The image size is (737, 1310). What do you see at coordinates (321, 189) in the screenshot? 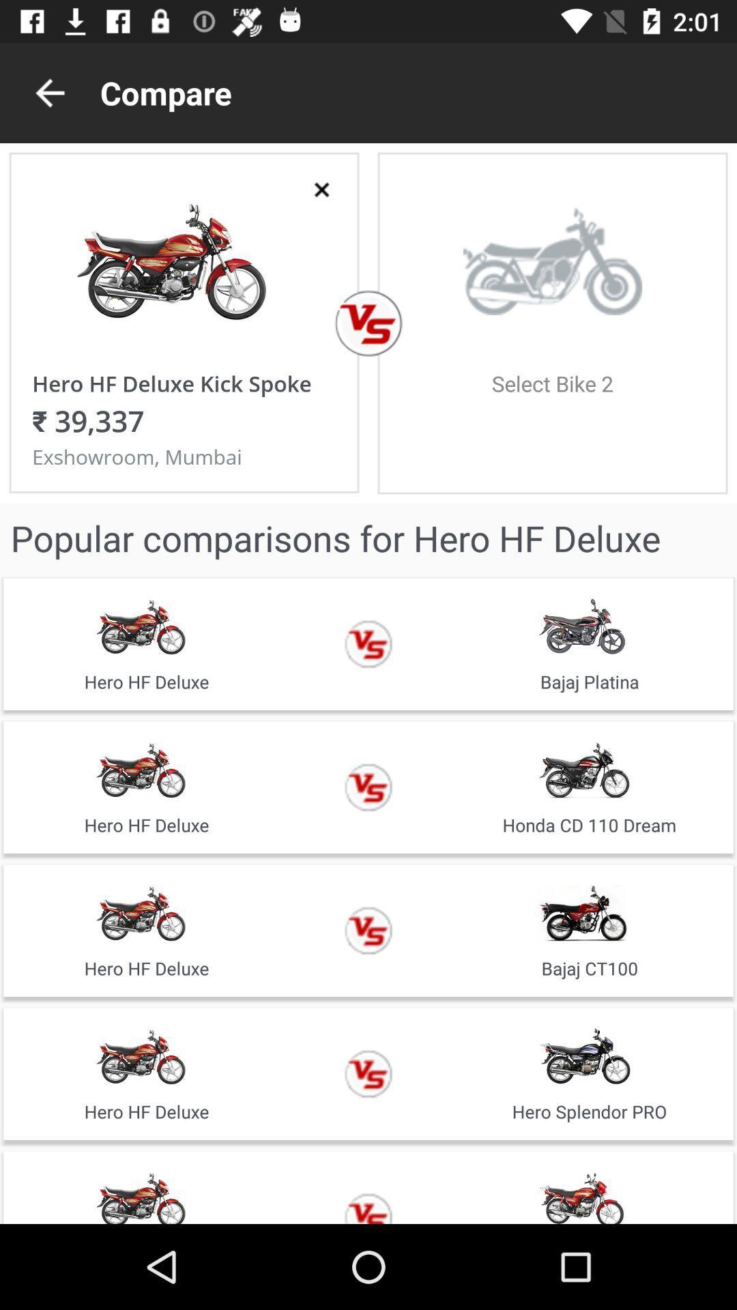
I see `delete selected option` at bounding box center [321, 189].